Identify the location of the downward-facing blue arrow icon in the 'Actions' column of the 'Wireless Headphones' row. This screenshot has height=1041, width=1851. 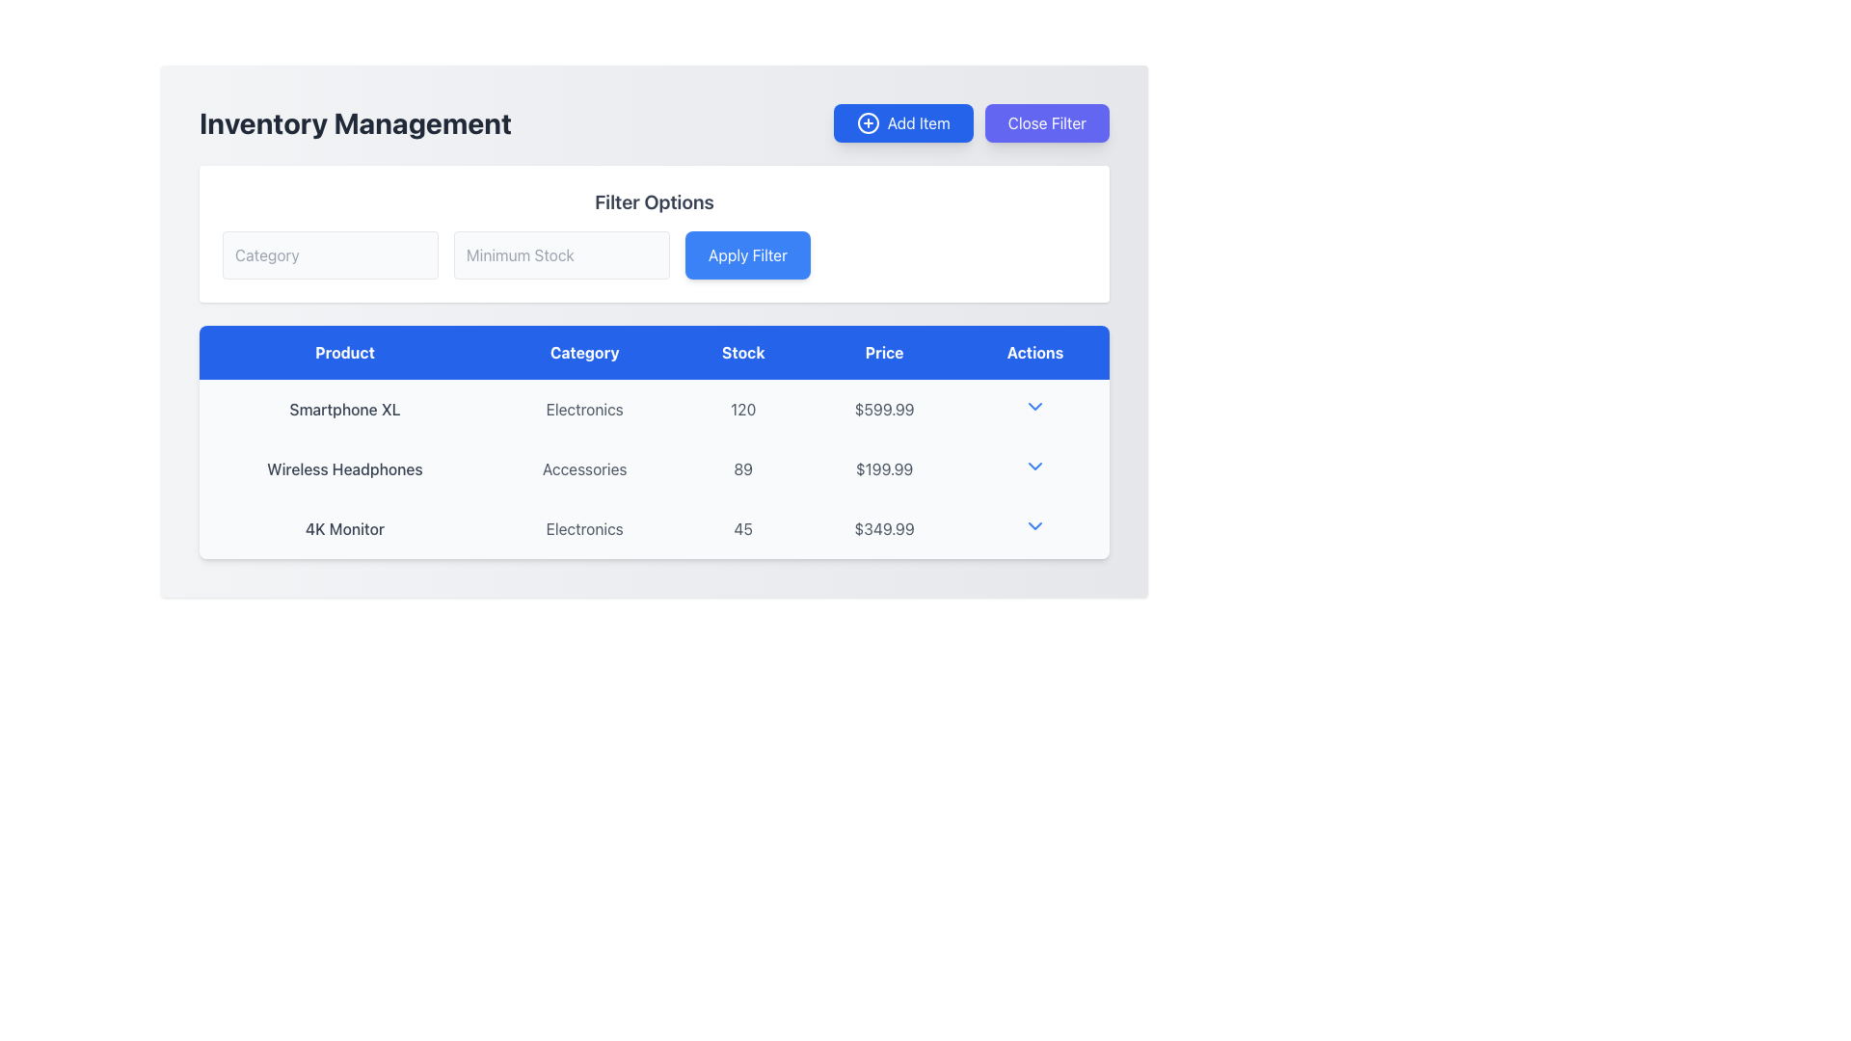
(1034, 468).